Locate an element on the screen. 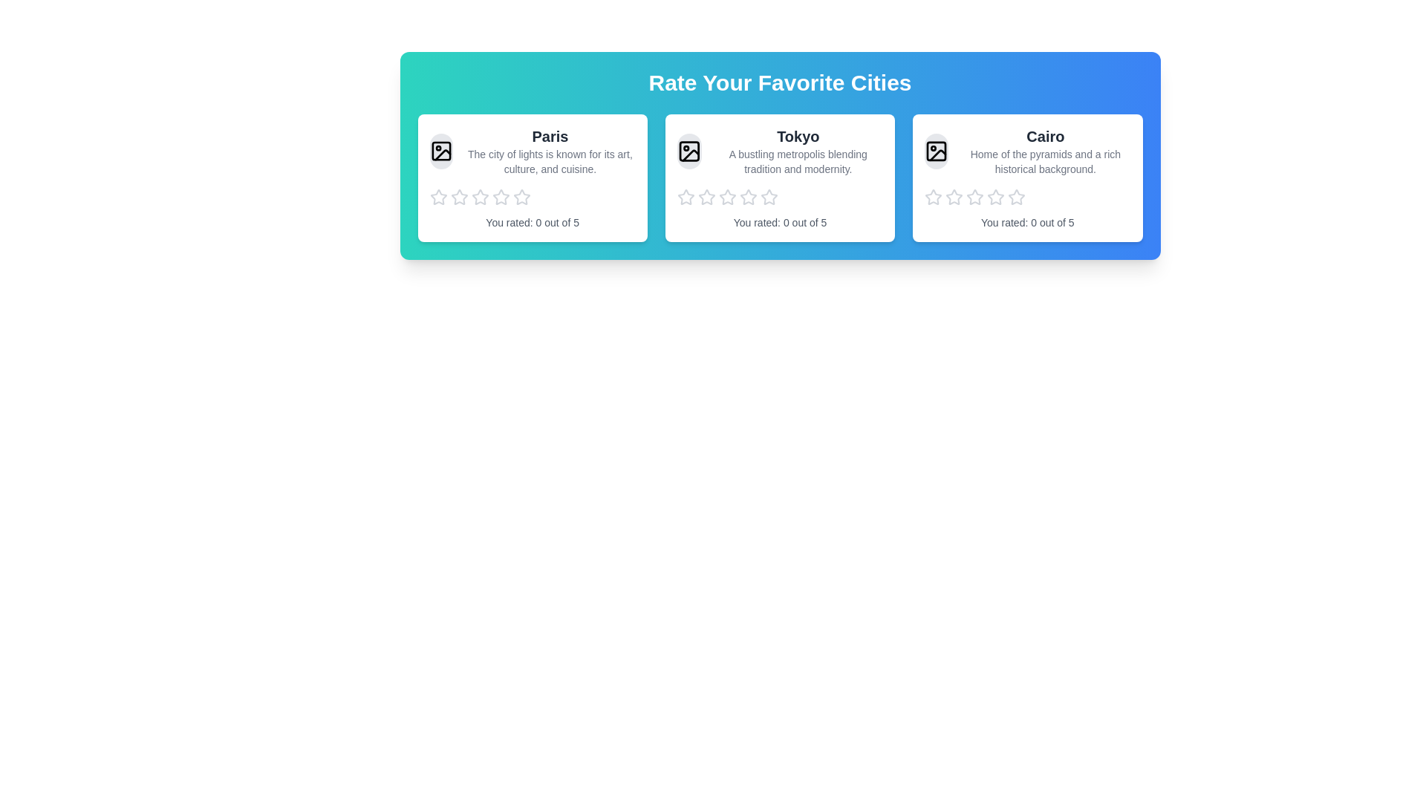 Image resolution: width=1426 pixels, height=802 pixels. the fourth rating star icon, styled in silver, located under the 'Paris' card in the 'Rate Your Favorite Cities' section is located at coordinates (480, 197).